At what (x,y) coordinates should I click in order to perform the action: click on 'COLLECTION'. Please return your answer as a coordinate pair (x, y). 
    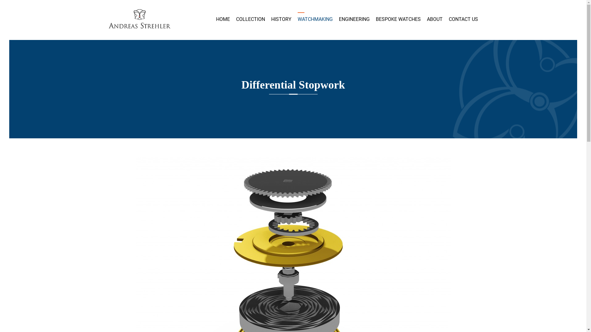
    Looking at the image, I should click on (235, 19).